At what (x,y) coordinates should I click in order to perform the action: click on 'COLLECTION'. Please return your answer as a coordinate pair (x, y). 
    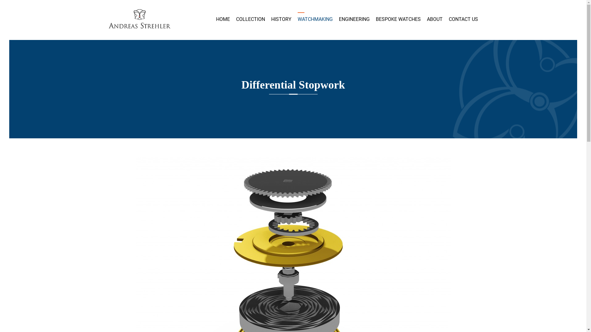
    Looking at the image, I should click on (235, 19).